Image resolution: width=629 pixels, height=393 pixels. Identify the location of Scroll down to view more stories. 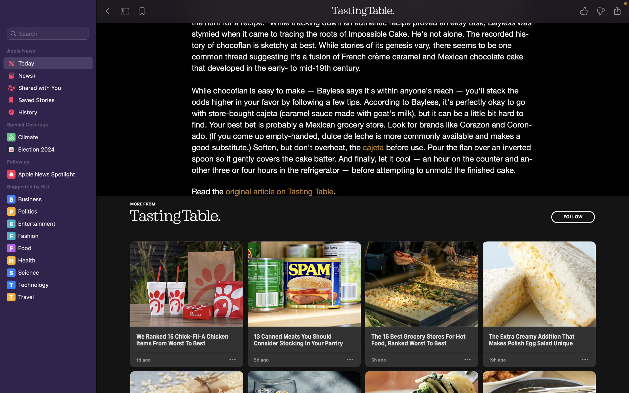
(1044140, 375119).